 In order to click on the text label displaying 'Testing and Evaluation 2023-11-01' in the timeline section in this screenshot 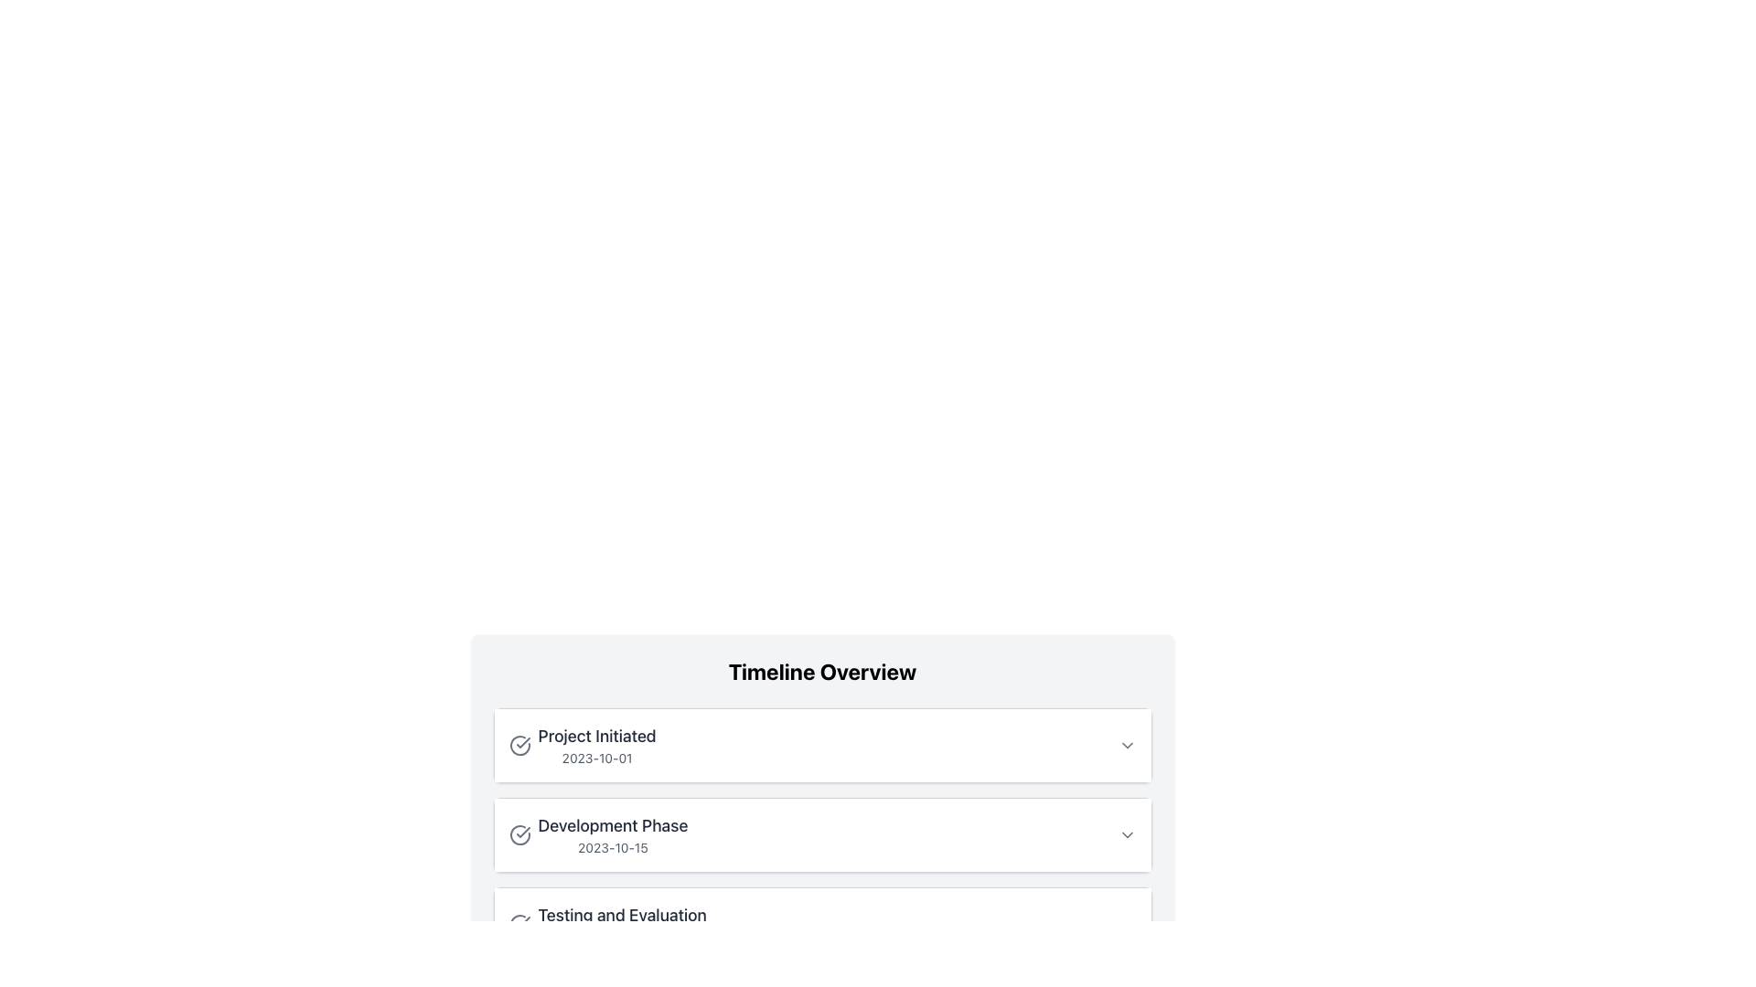, I will do `click(606, 924)`.